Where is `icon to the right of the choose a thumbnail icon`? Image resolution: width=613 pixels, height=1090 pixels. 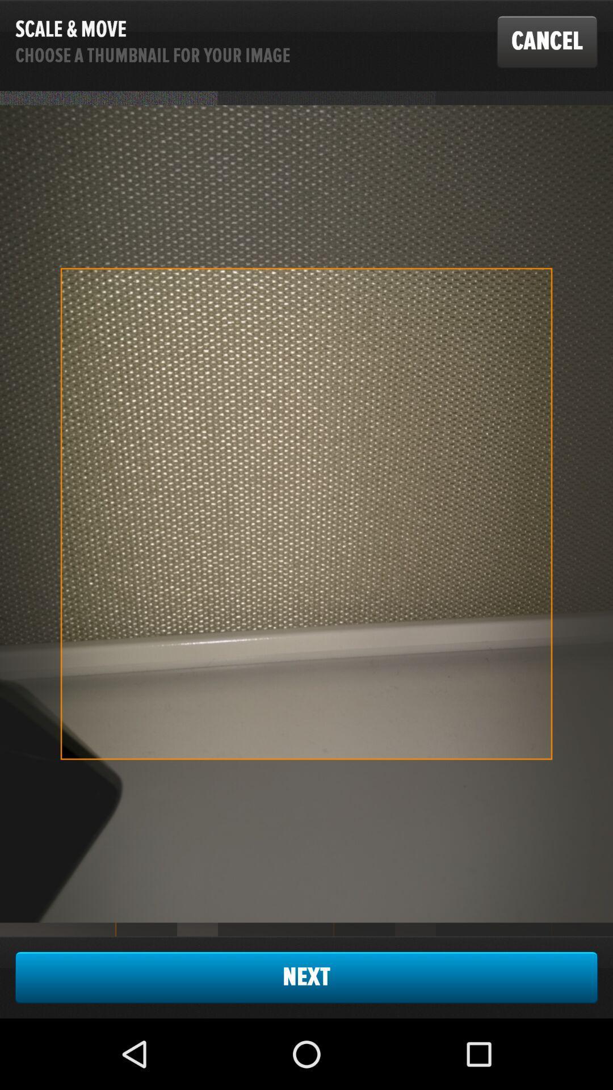
icon to the right of the choose a thumbnail icon is located at coordinates (547, 41).